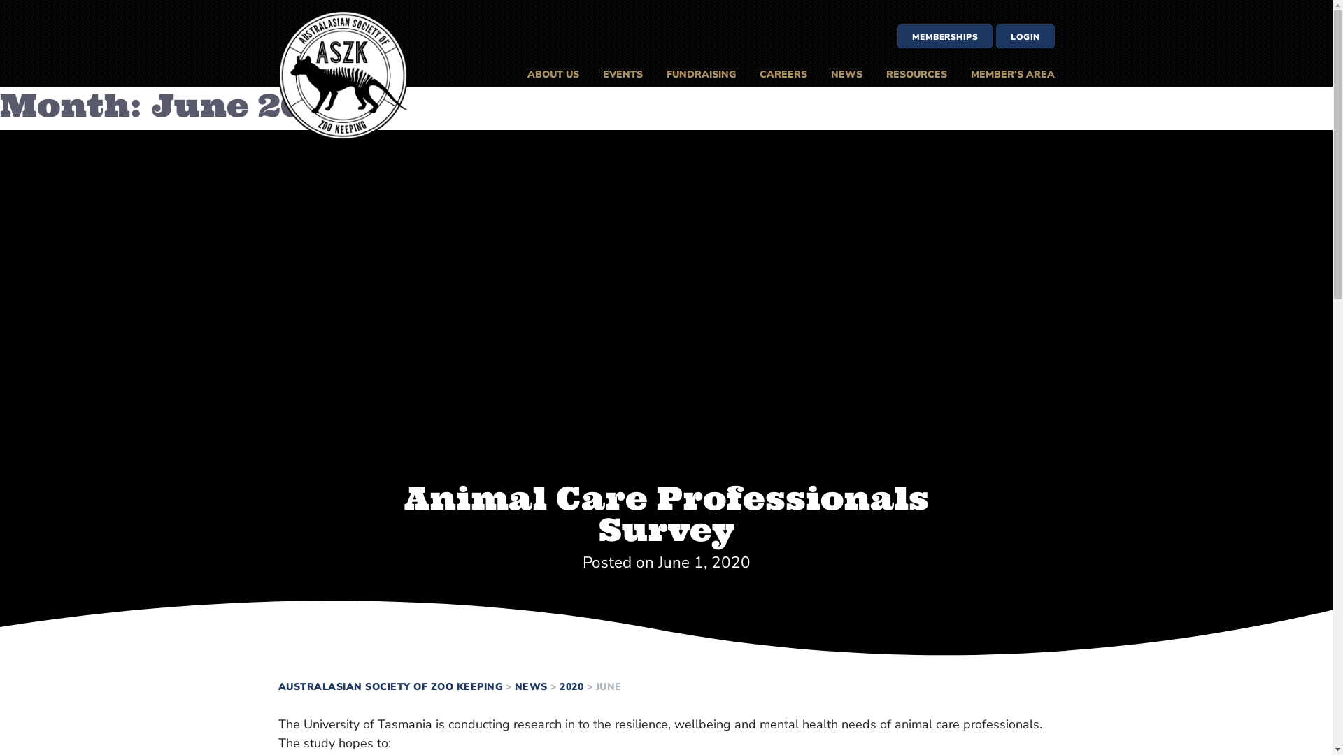 This screenshot has height=755, width=1343. I want to click on 'NEWS', so click(845, 75).